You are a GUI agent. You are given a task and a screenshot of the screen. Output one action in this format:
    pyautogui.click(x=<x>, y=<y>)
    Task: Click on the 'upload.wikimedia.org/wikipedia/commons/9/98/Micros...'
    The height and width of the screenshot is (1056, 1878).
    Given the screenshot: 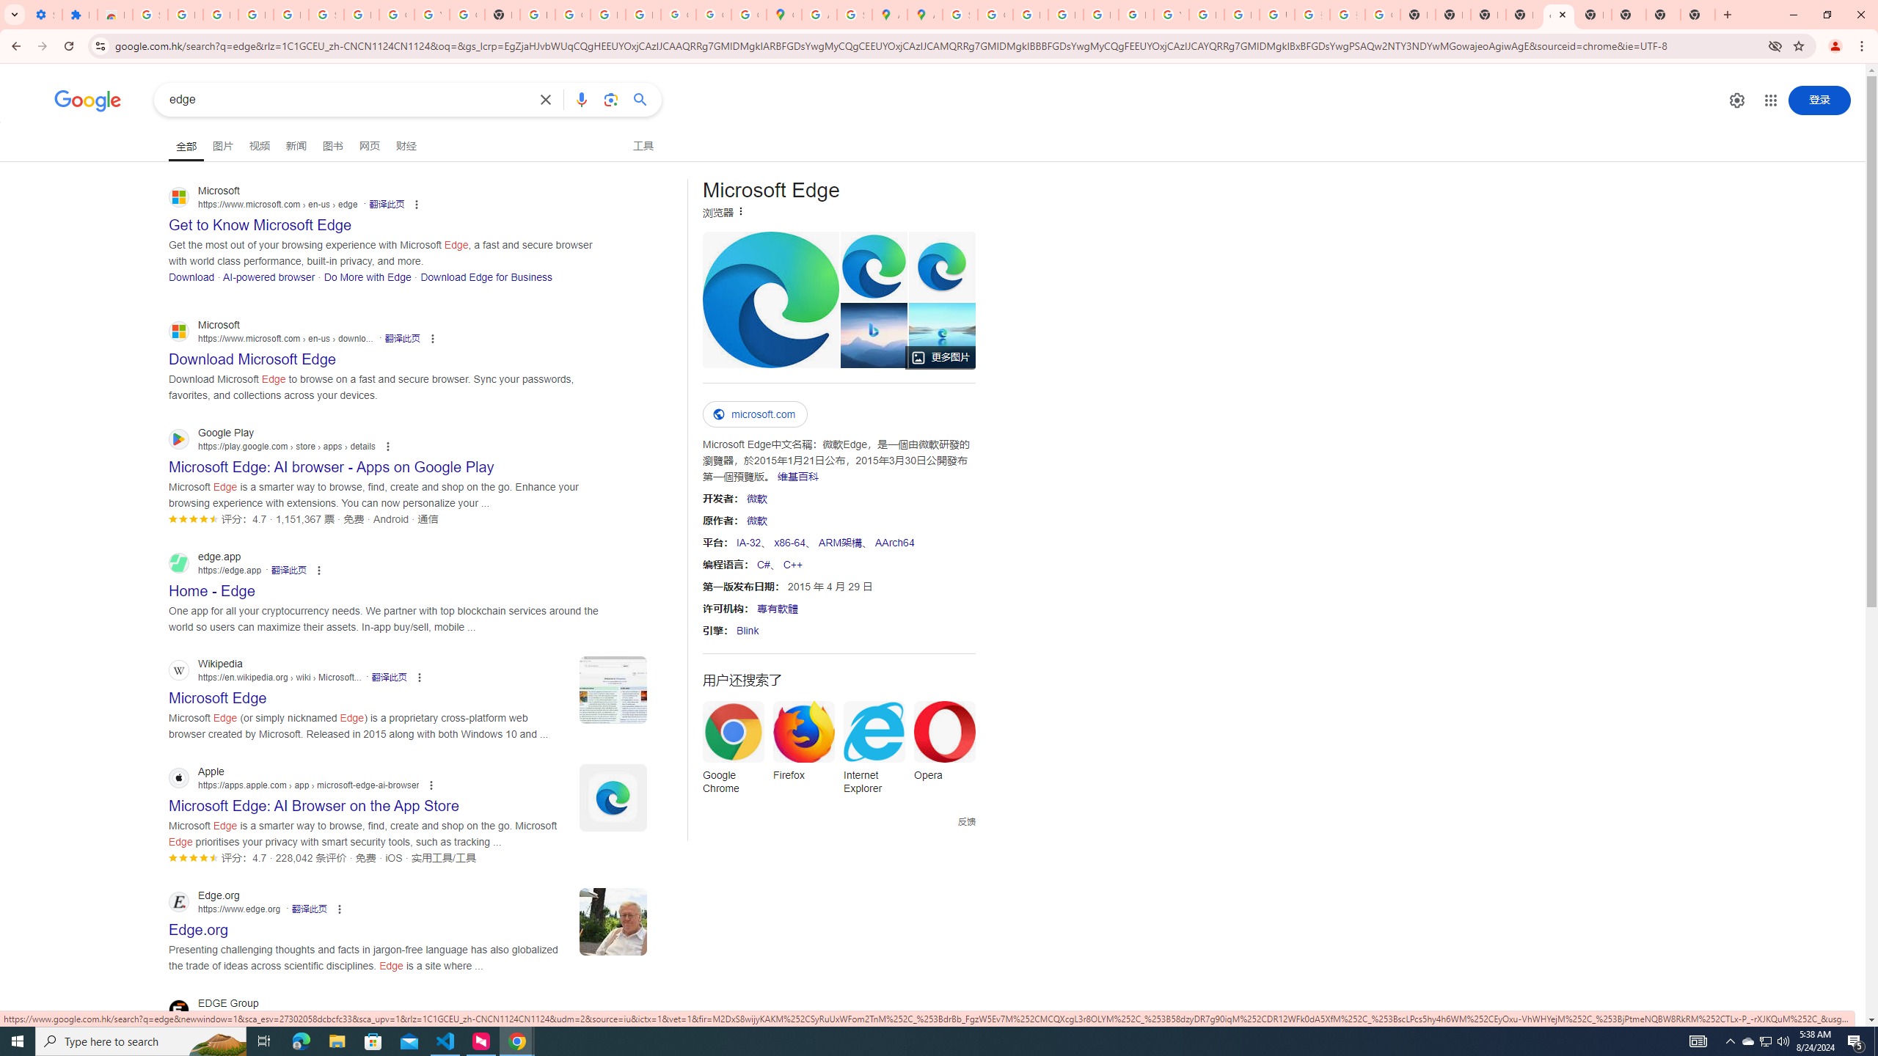 What is the action you would take?
    pyautogui.click(x=770, y=298)
    